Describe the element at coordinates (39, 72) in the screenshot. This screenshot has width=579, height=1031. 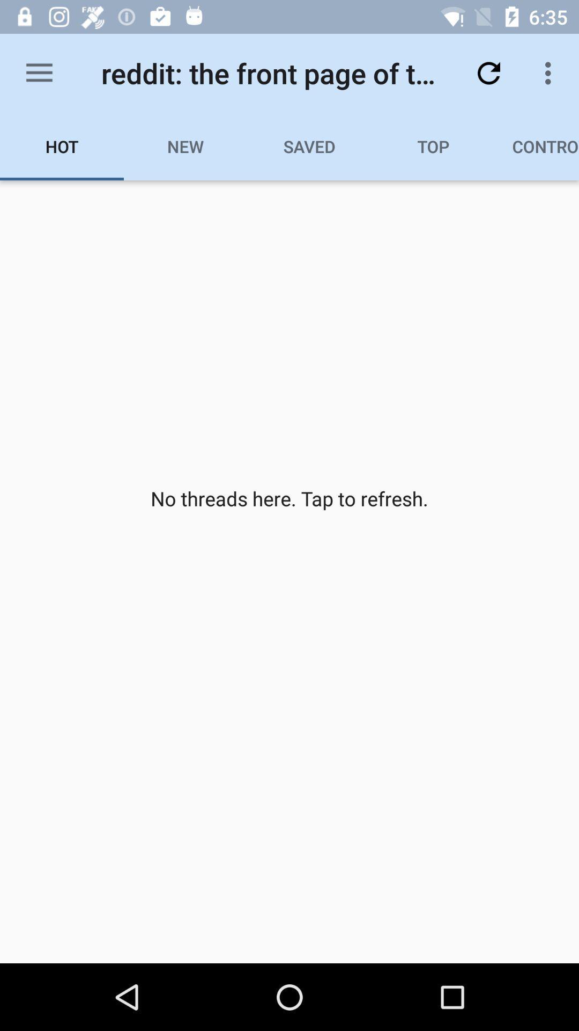
I see `the item next to the reddit the front` at that location.